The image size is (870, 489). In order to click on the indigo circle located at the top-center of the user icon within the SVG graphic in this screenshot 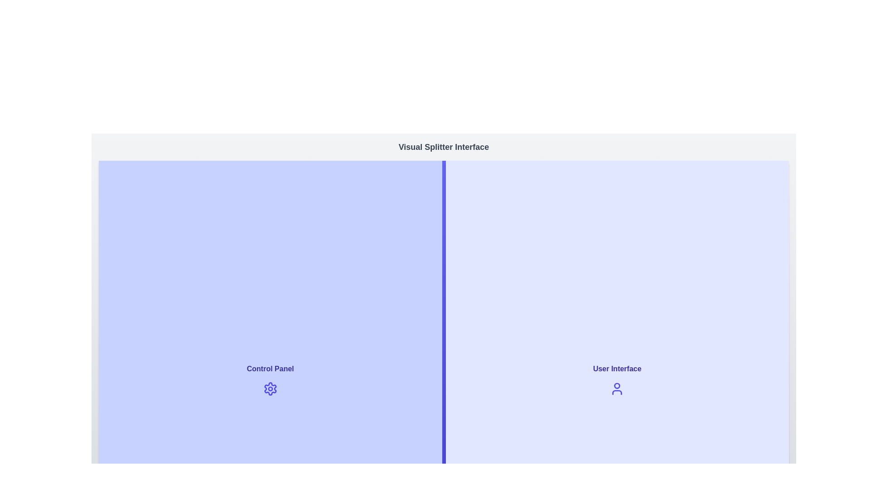, I will do `click(617, 386)`.